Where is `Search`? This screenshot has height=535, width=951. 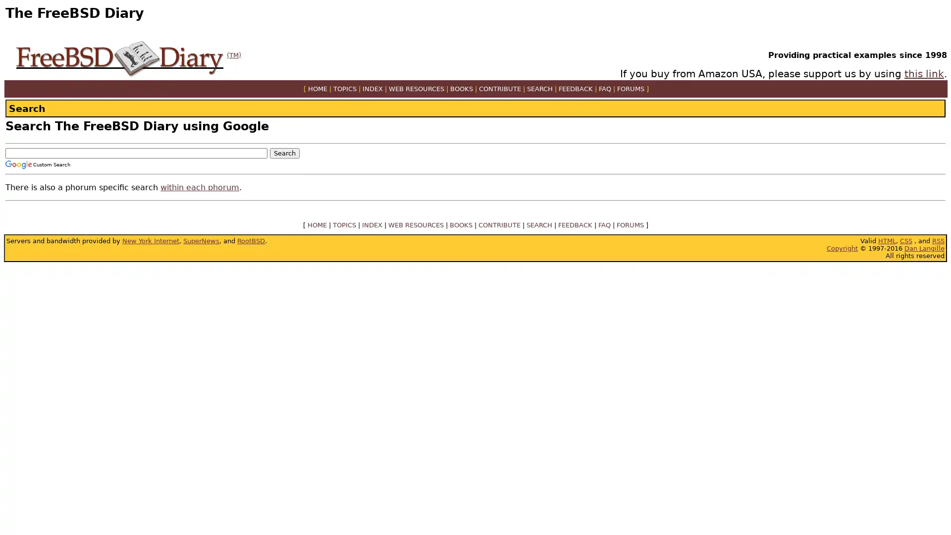
Search is located at coordinates (284, 153).